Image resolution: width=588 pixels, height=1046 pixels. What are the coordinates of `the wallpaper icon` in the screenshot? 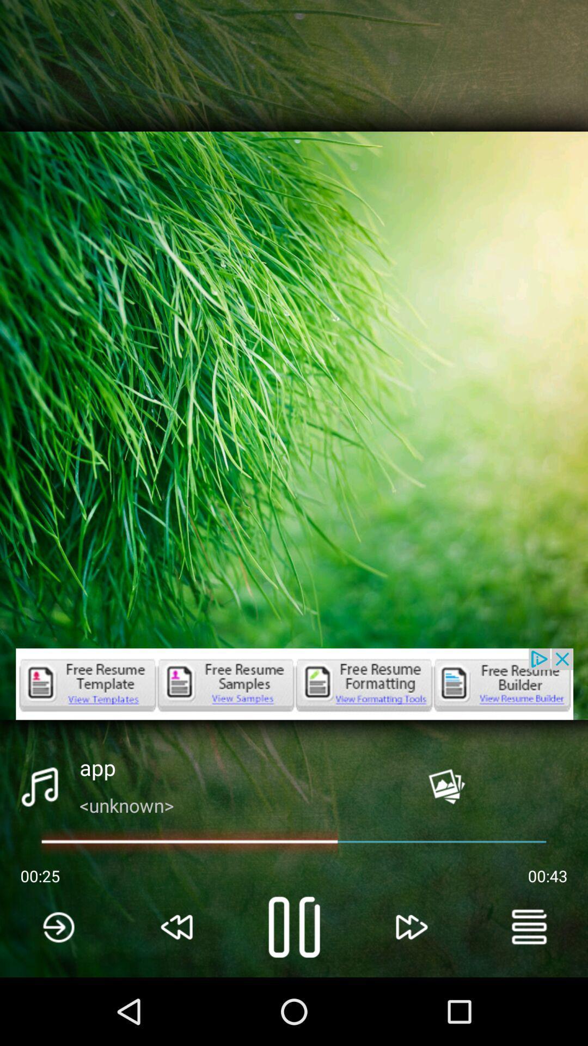 It's located at (446, 786).